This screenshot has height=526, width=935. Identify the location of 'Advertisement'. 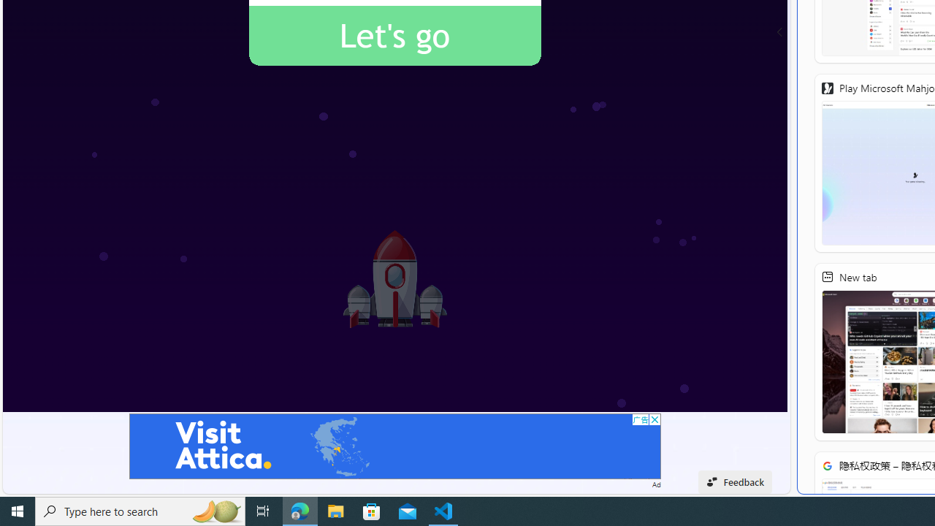
(394, 445).